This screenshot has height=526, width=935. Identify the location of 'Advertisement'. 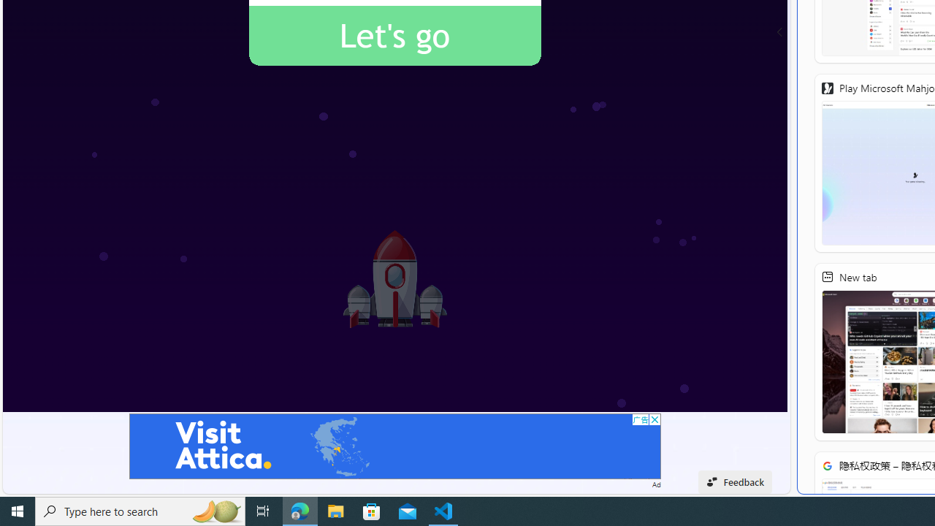
(394, 445).